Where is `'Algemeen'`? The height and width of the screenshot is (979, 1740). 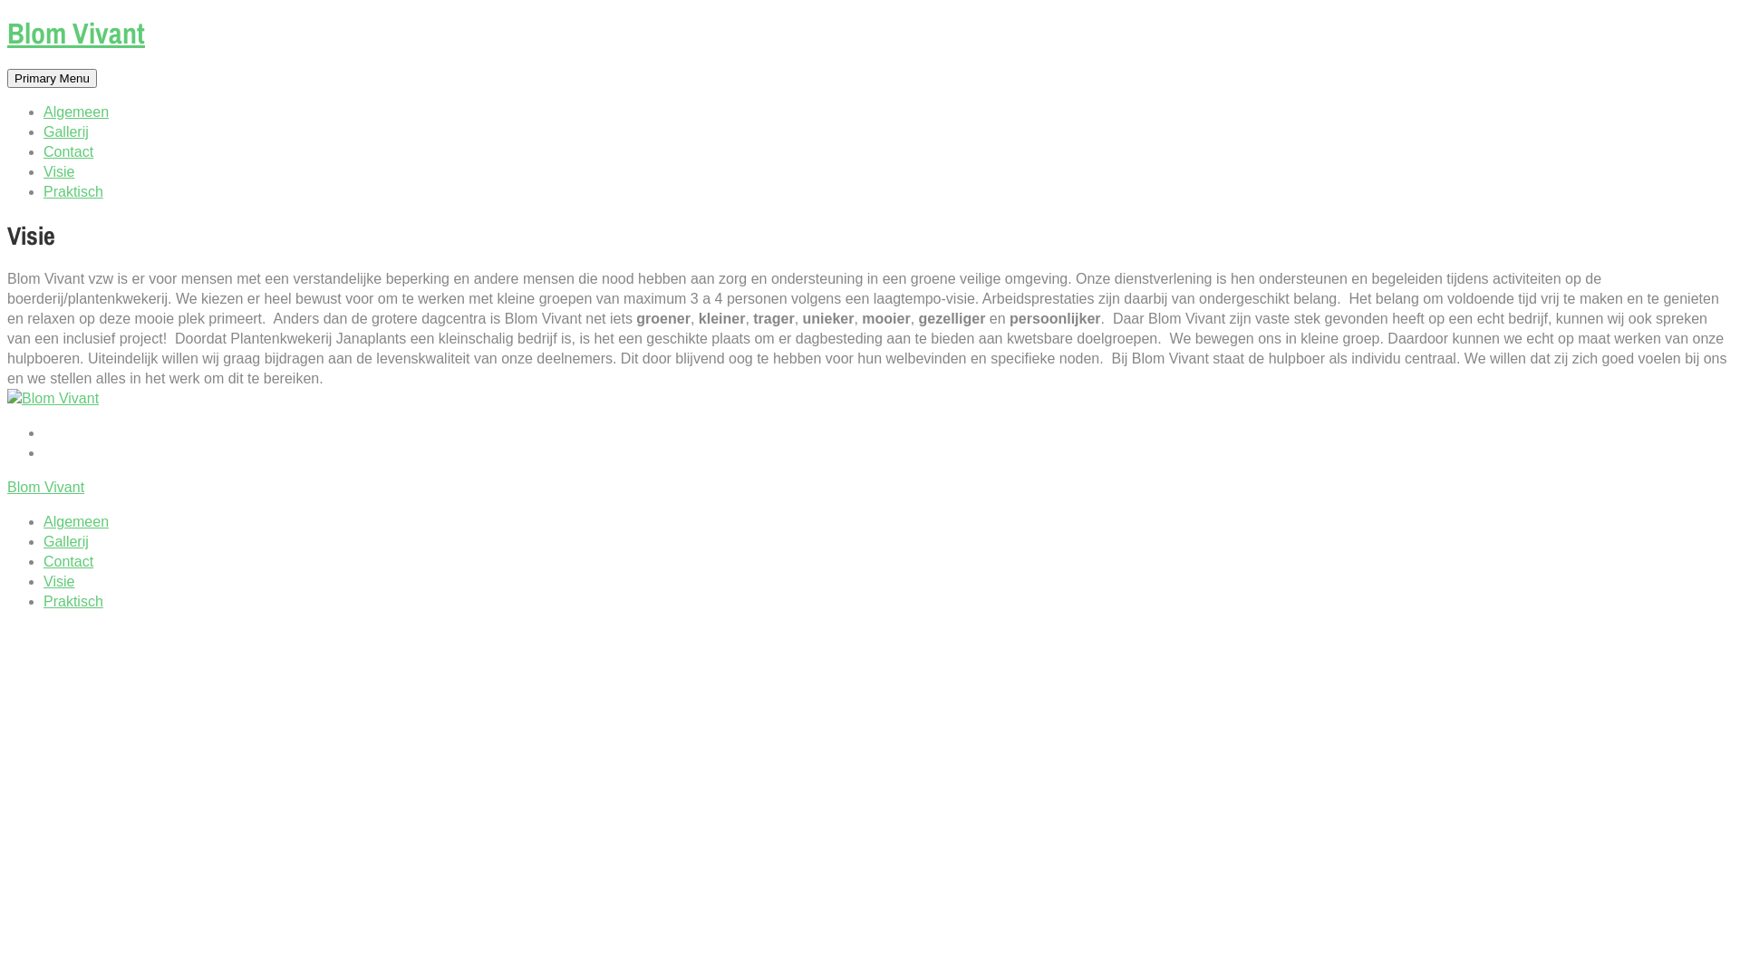
'Algemeen' is located at coordinates (74, 111).